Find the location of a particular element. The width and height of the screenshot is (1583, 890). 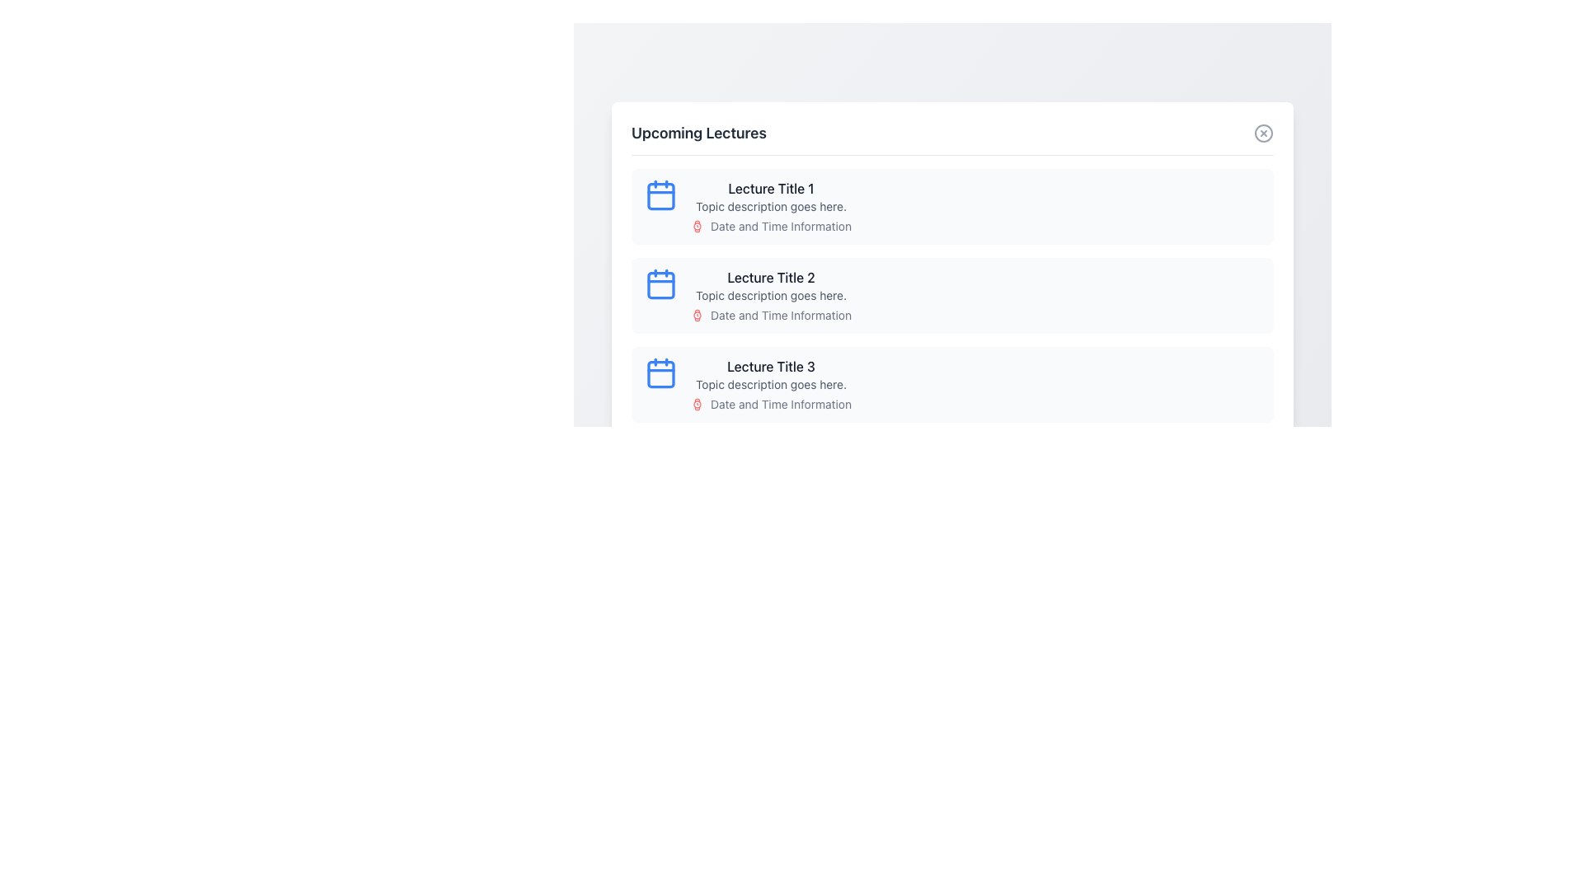

the calendar icon located in the top-left section of the box containing the 'Lecture Title 2' text, which indicates details about a scheduled date or event is located at coordinates (660, 283).